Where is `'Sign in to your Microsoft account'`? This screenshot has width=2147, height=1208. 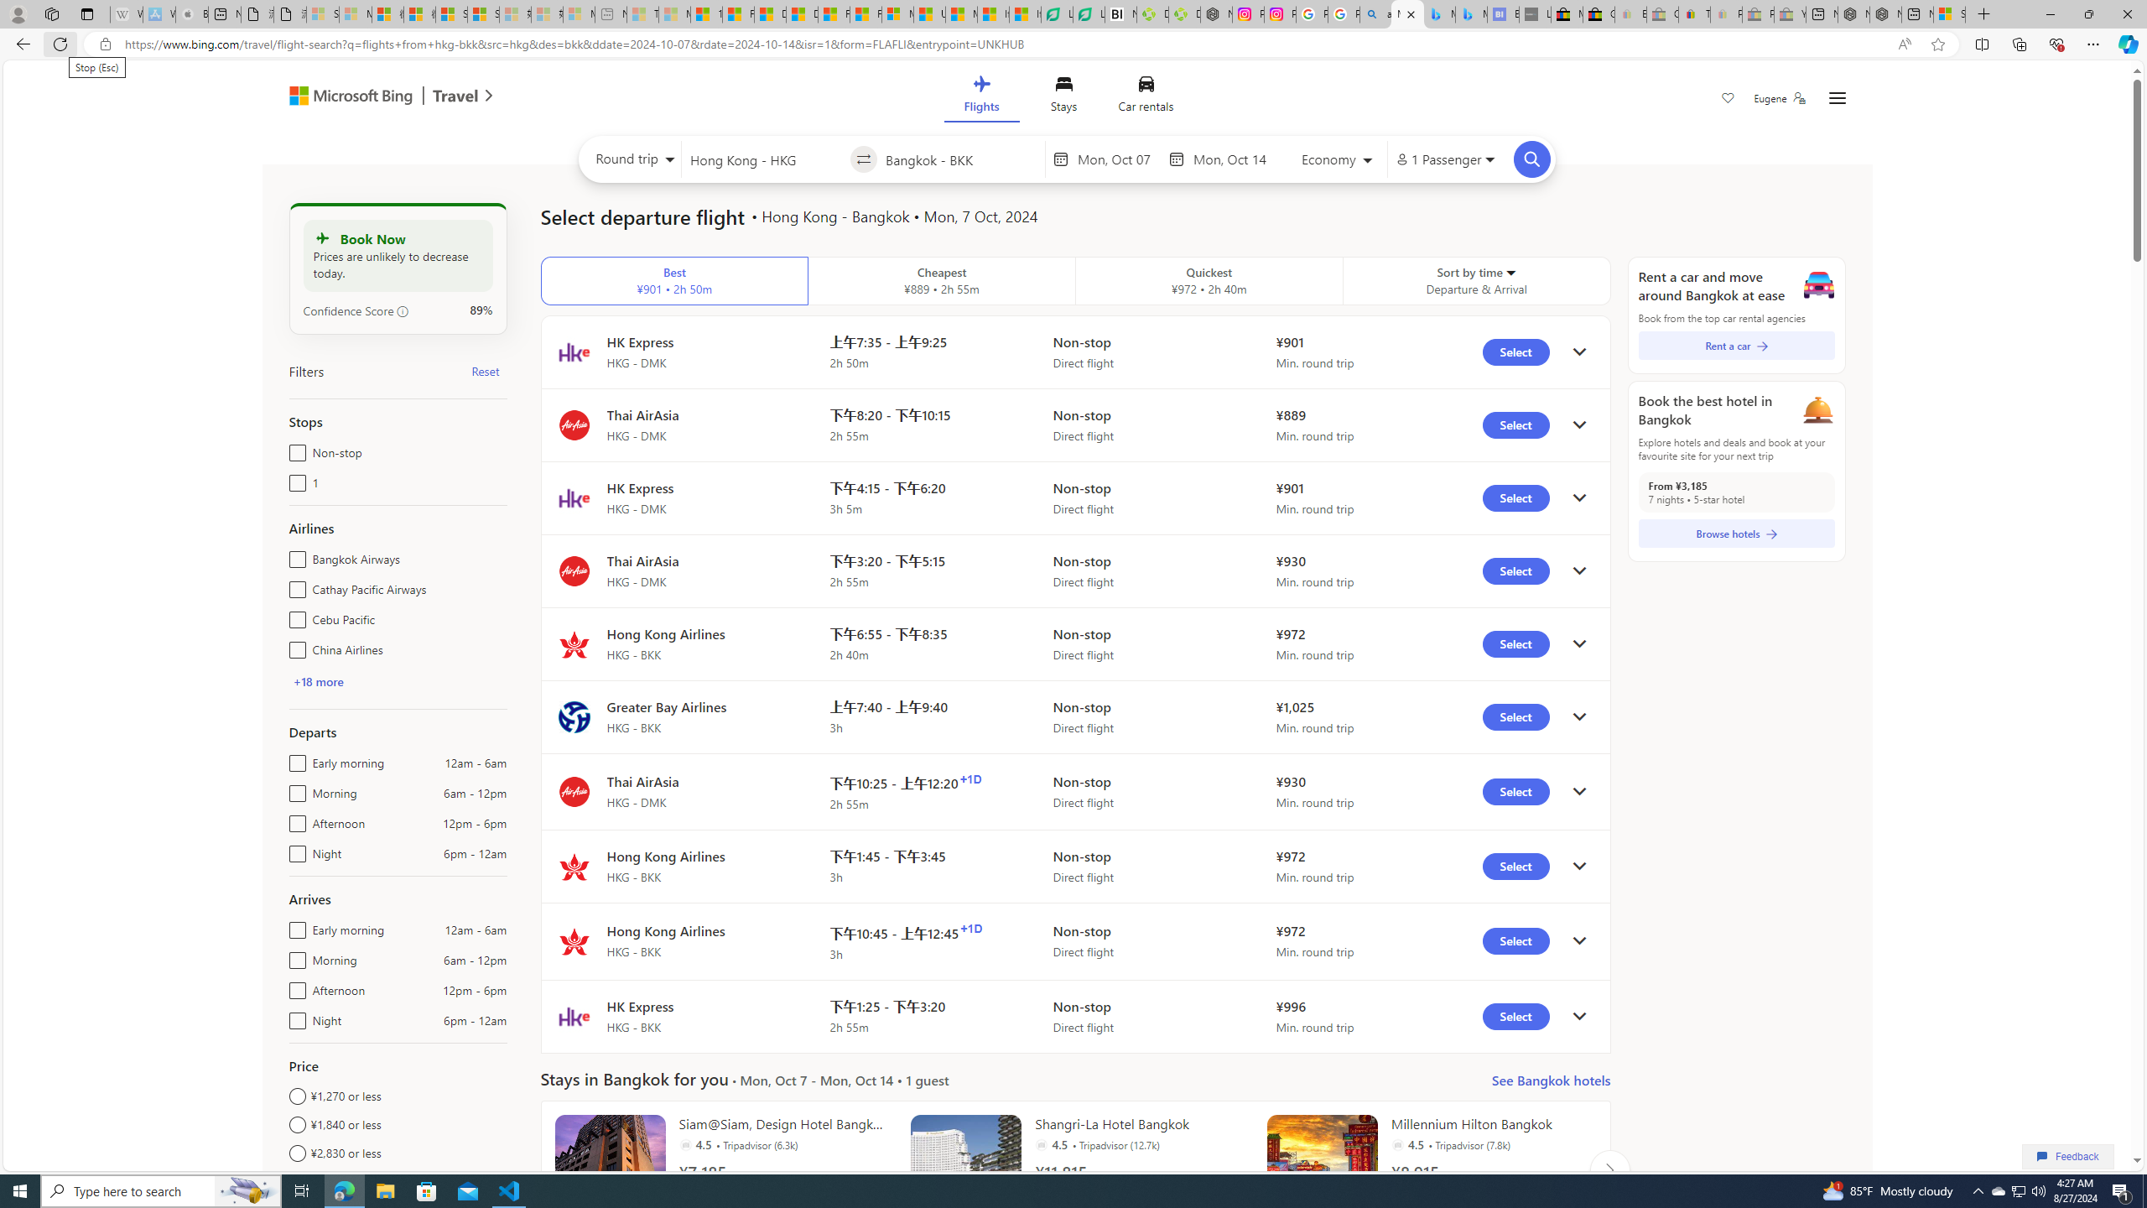 'Sign in to your Microsoft account' is located at coordinates (1948, 13).